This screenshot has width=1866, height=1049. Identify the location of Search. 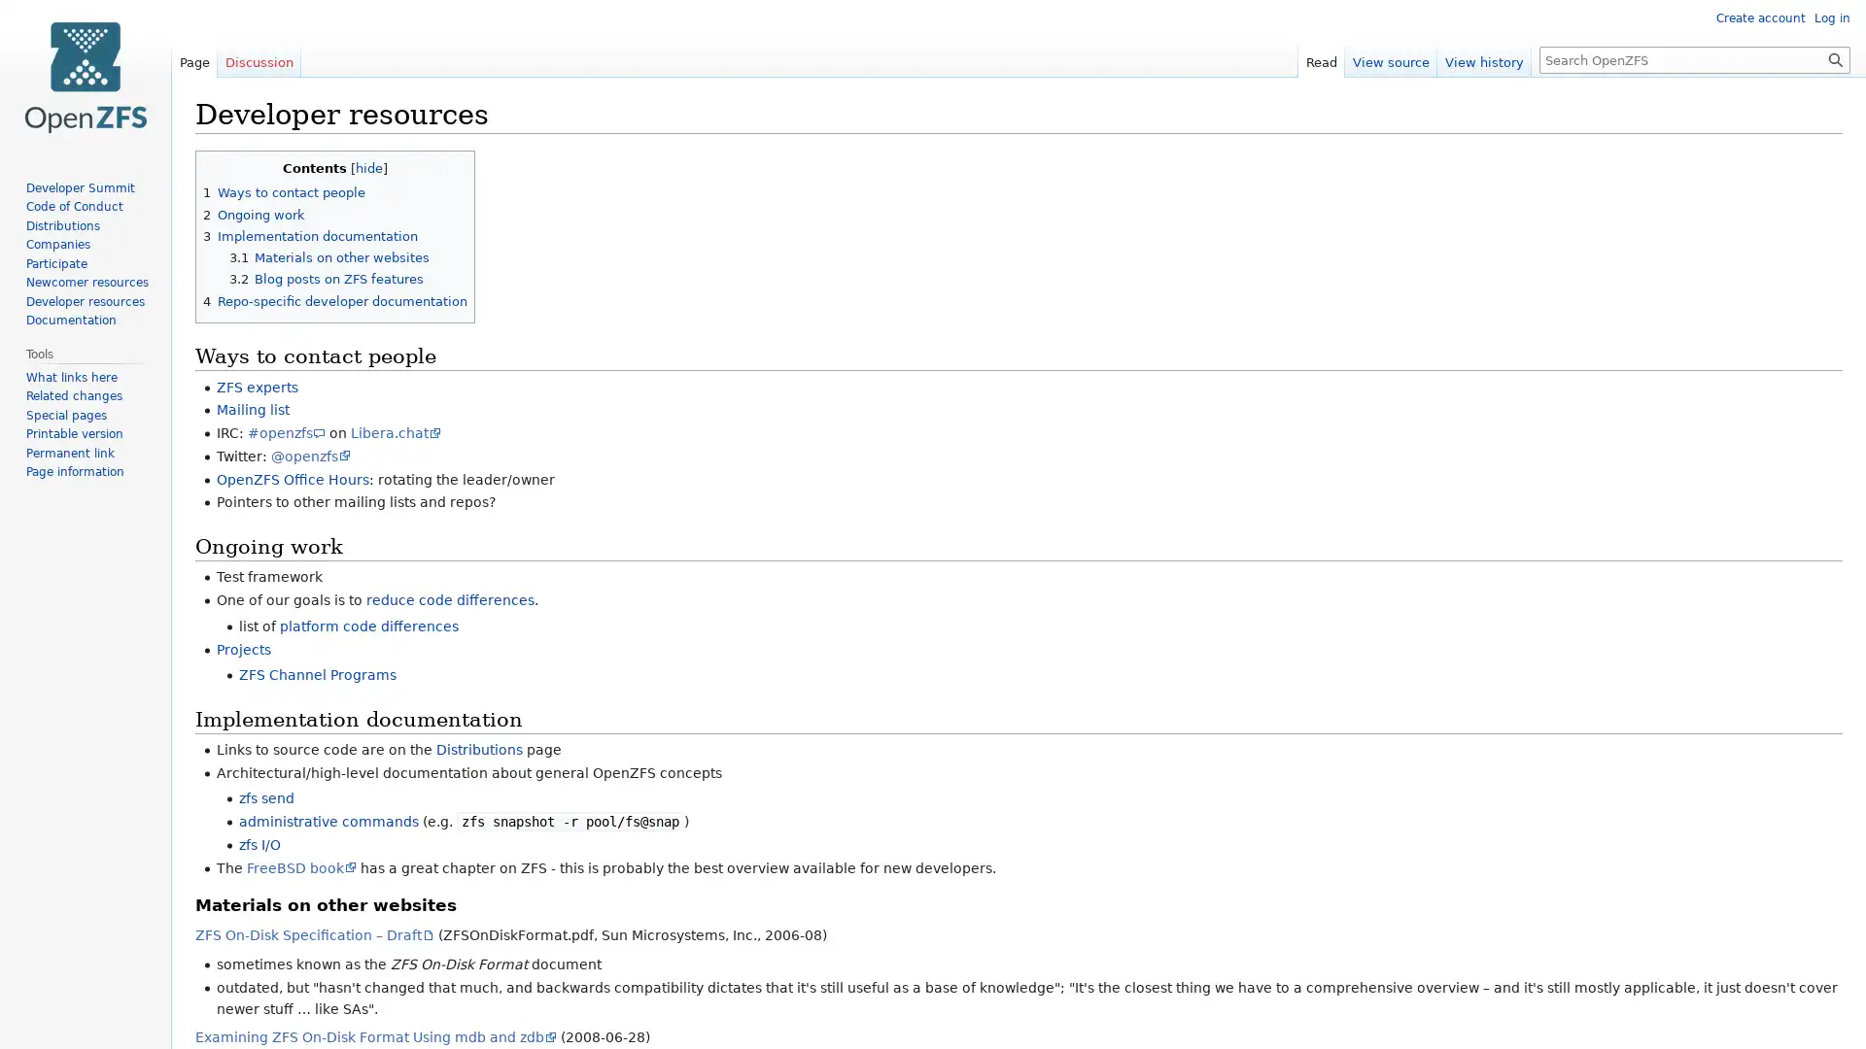
(1835, 58).